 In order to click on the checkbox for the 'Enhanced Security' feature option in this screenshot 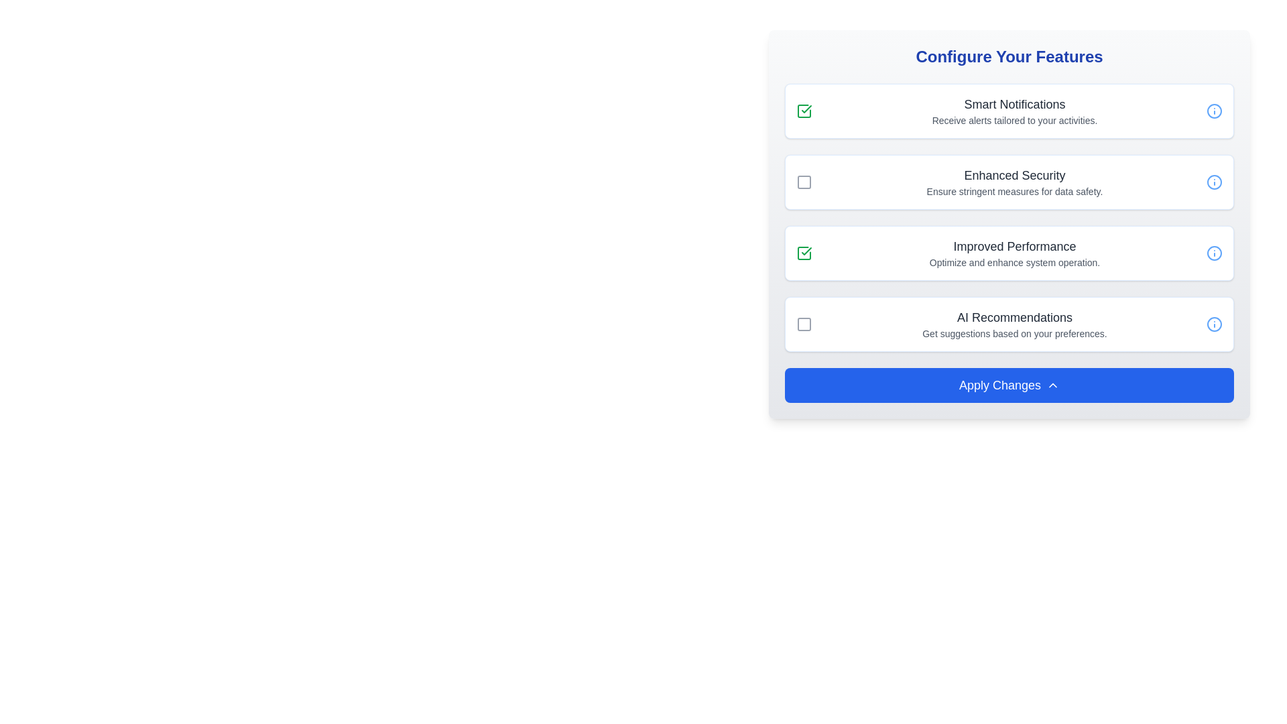, I will do `click(1009, 182)`.